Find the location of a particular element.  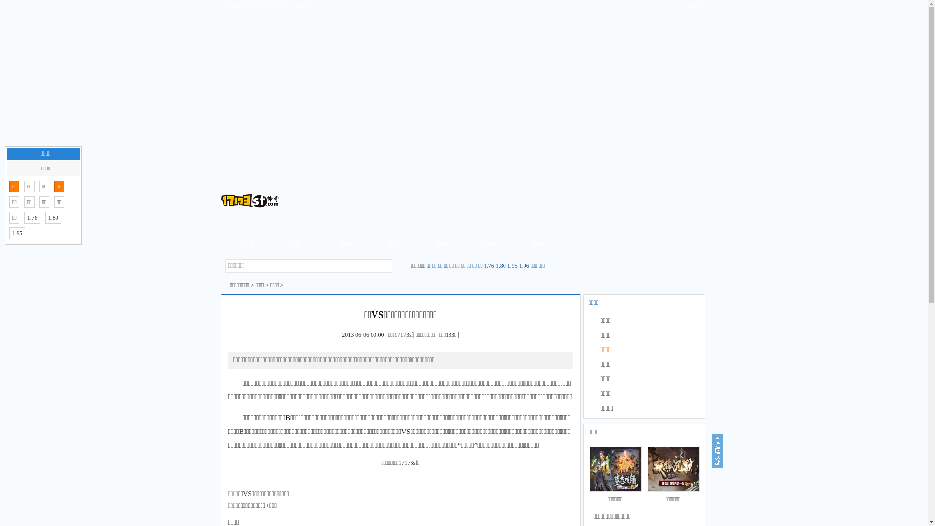

'1.95' is located at coordinates (17, 233).